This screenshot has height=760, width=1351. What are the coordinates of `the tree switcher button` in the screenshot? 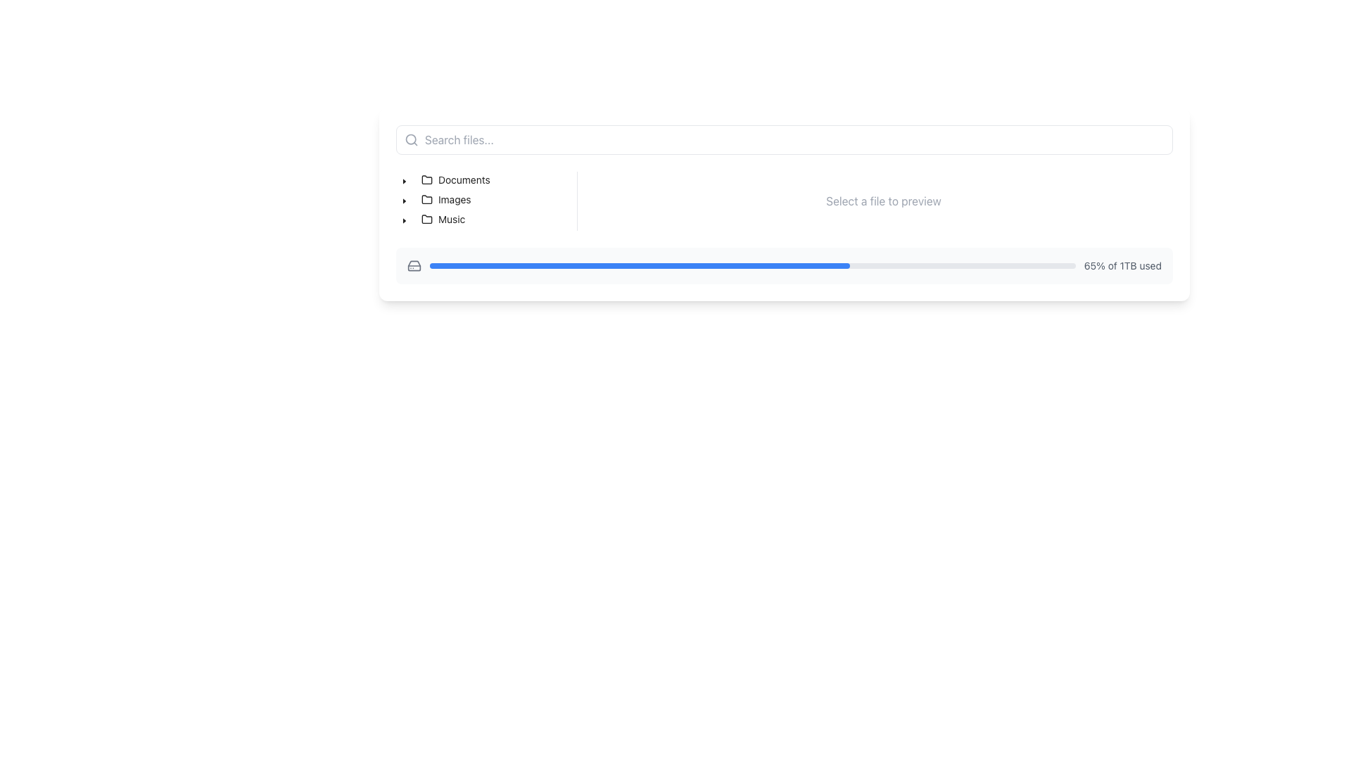 It's located at (404, 220).